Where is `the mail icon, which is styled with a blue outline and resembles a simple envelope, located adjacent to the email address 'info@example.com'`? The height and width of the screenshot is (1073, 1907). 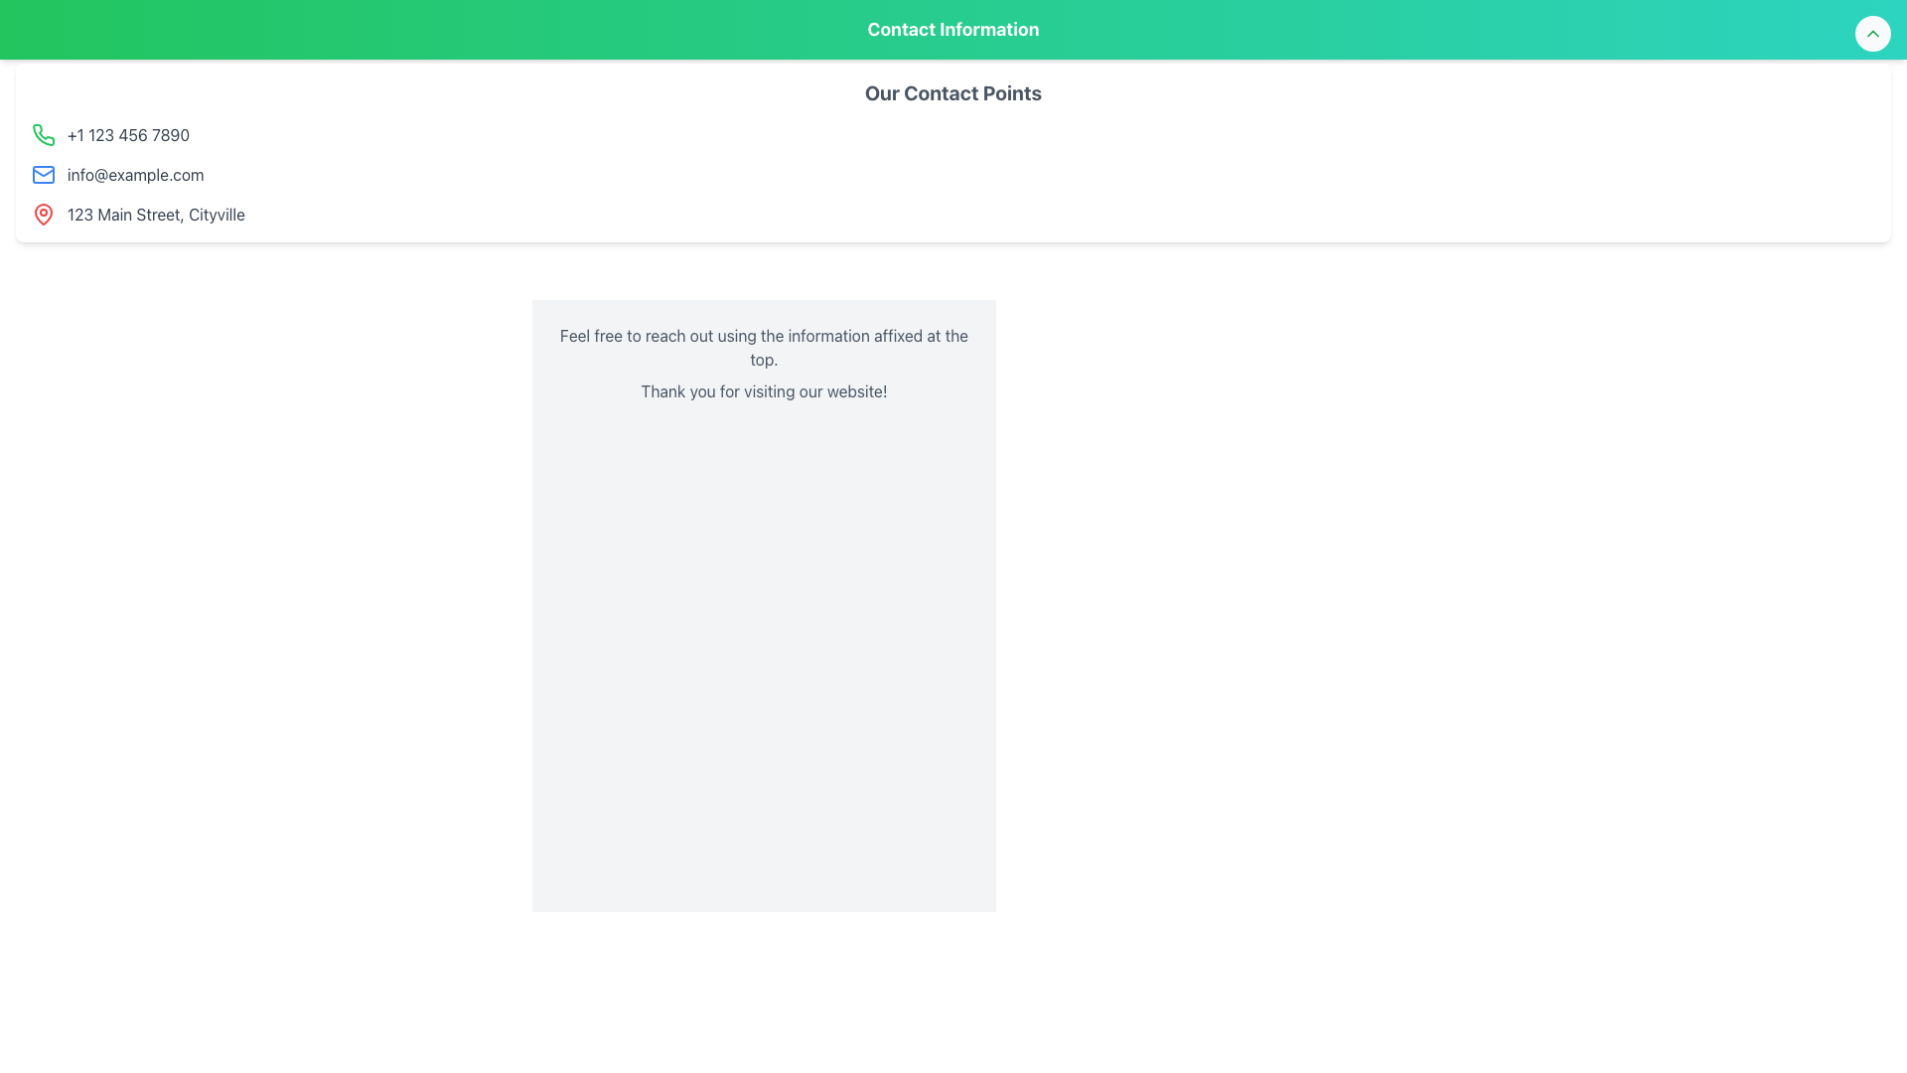
the mail icon, which is styled with a blue outline and resembles a simple envelope, located adjacent to the email address 'info@example.com' is located at coordinates (43, 174).